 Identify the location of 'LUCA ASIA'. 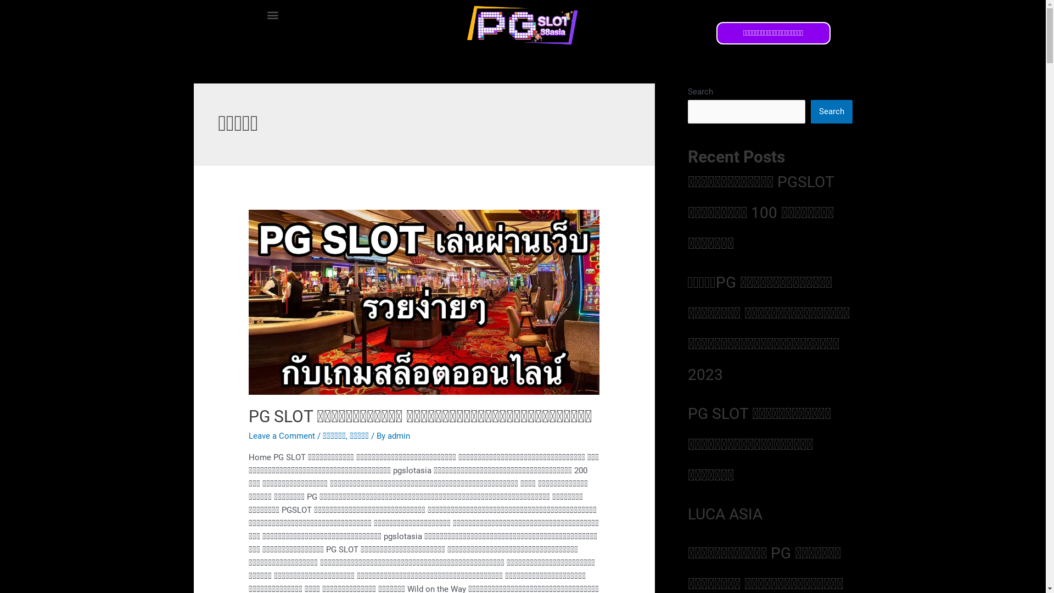
(725, 514).